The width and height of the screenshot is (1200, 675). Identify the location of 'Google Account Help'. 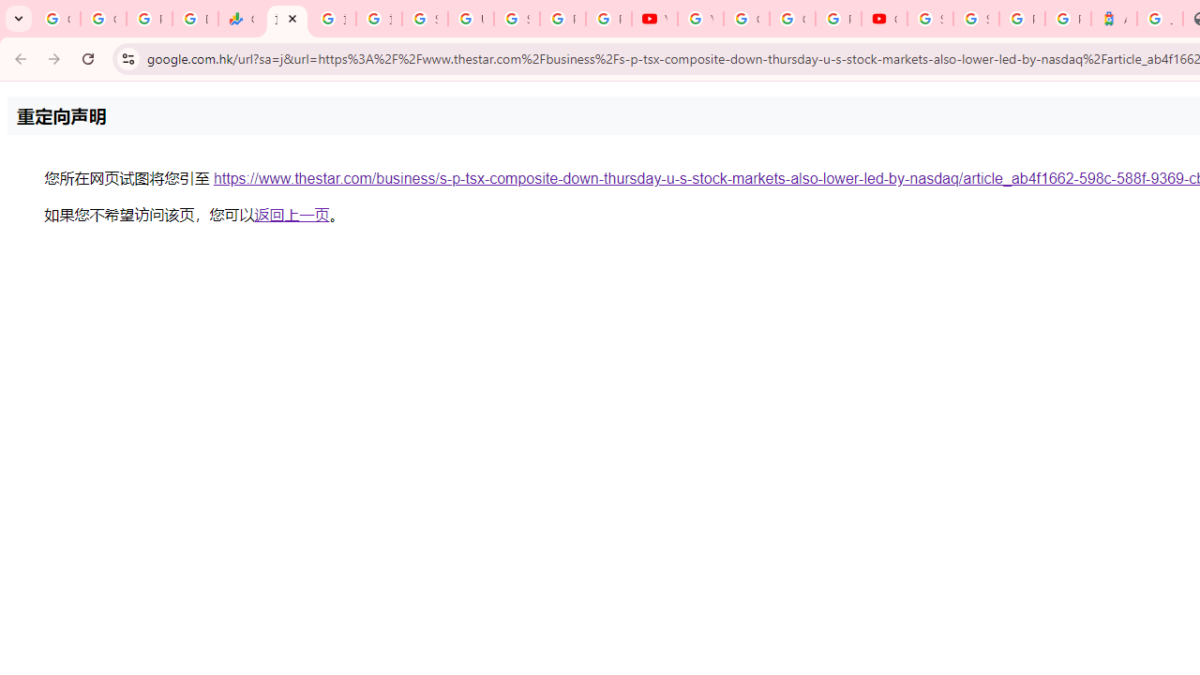
(745, 19).